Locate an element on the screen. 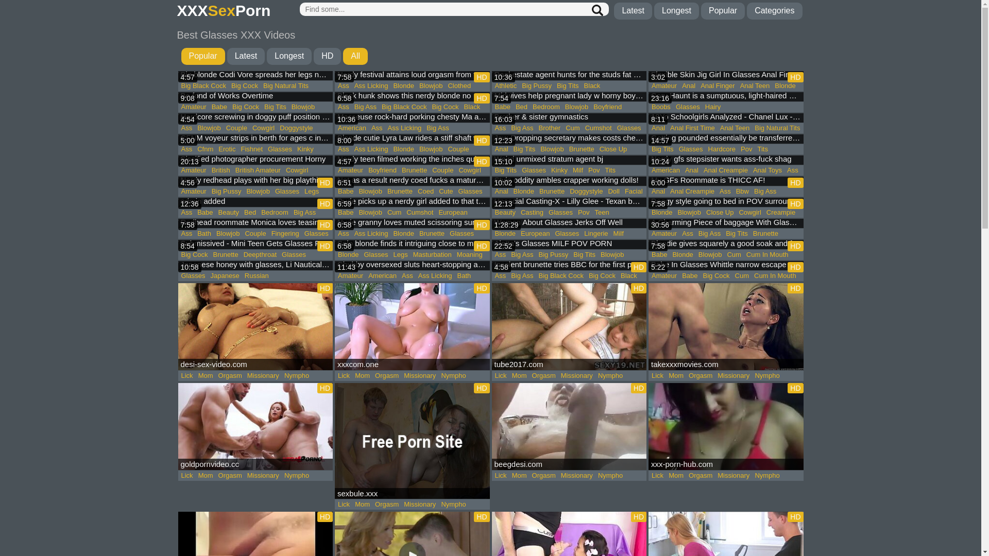  'Russian' is located at coordinates (242, 275).